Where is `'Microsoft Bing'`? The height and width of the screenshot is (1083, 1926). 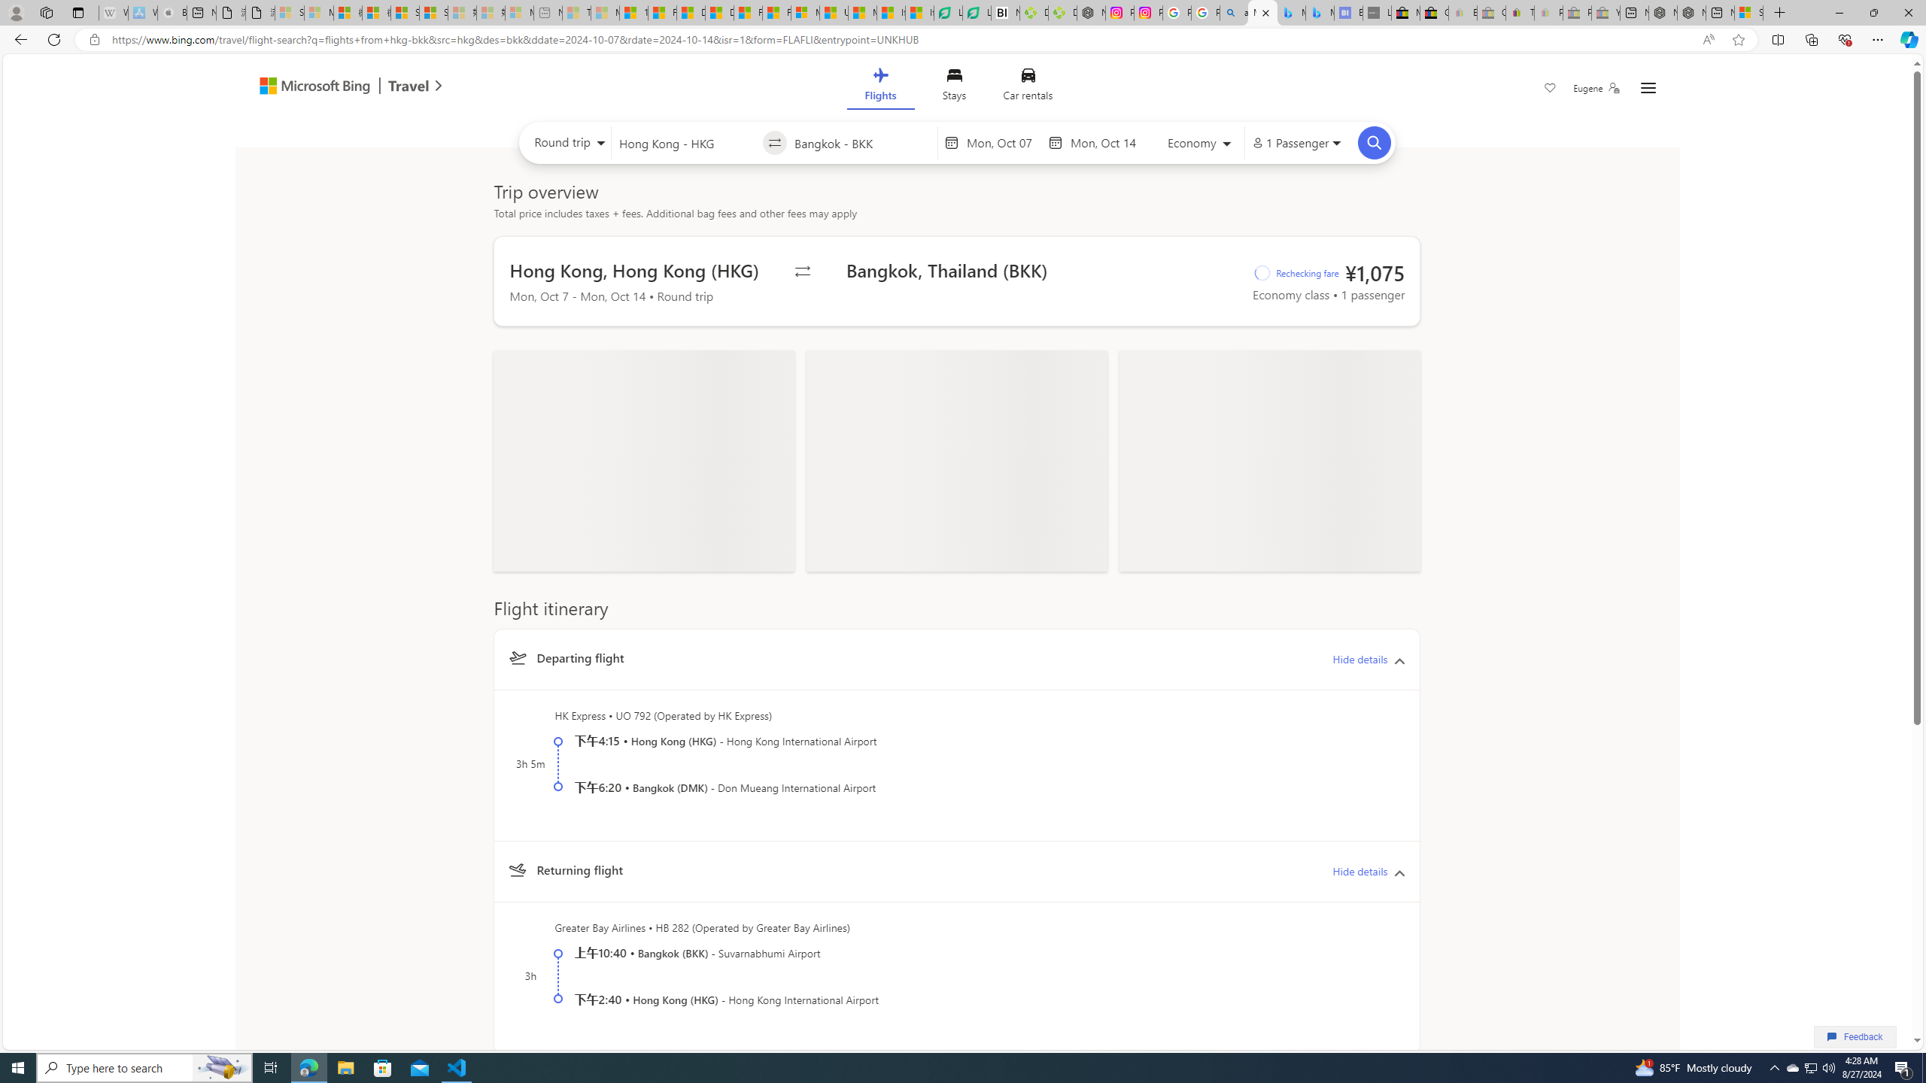
'Microsoft Bing' is located at coordinates (307, 86).